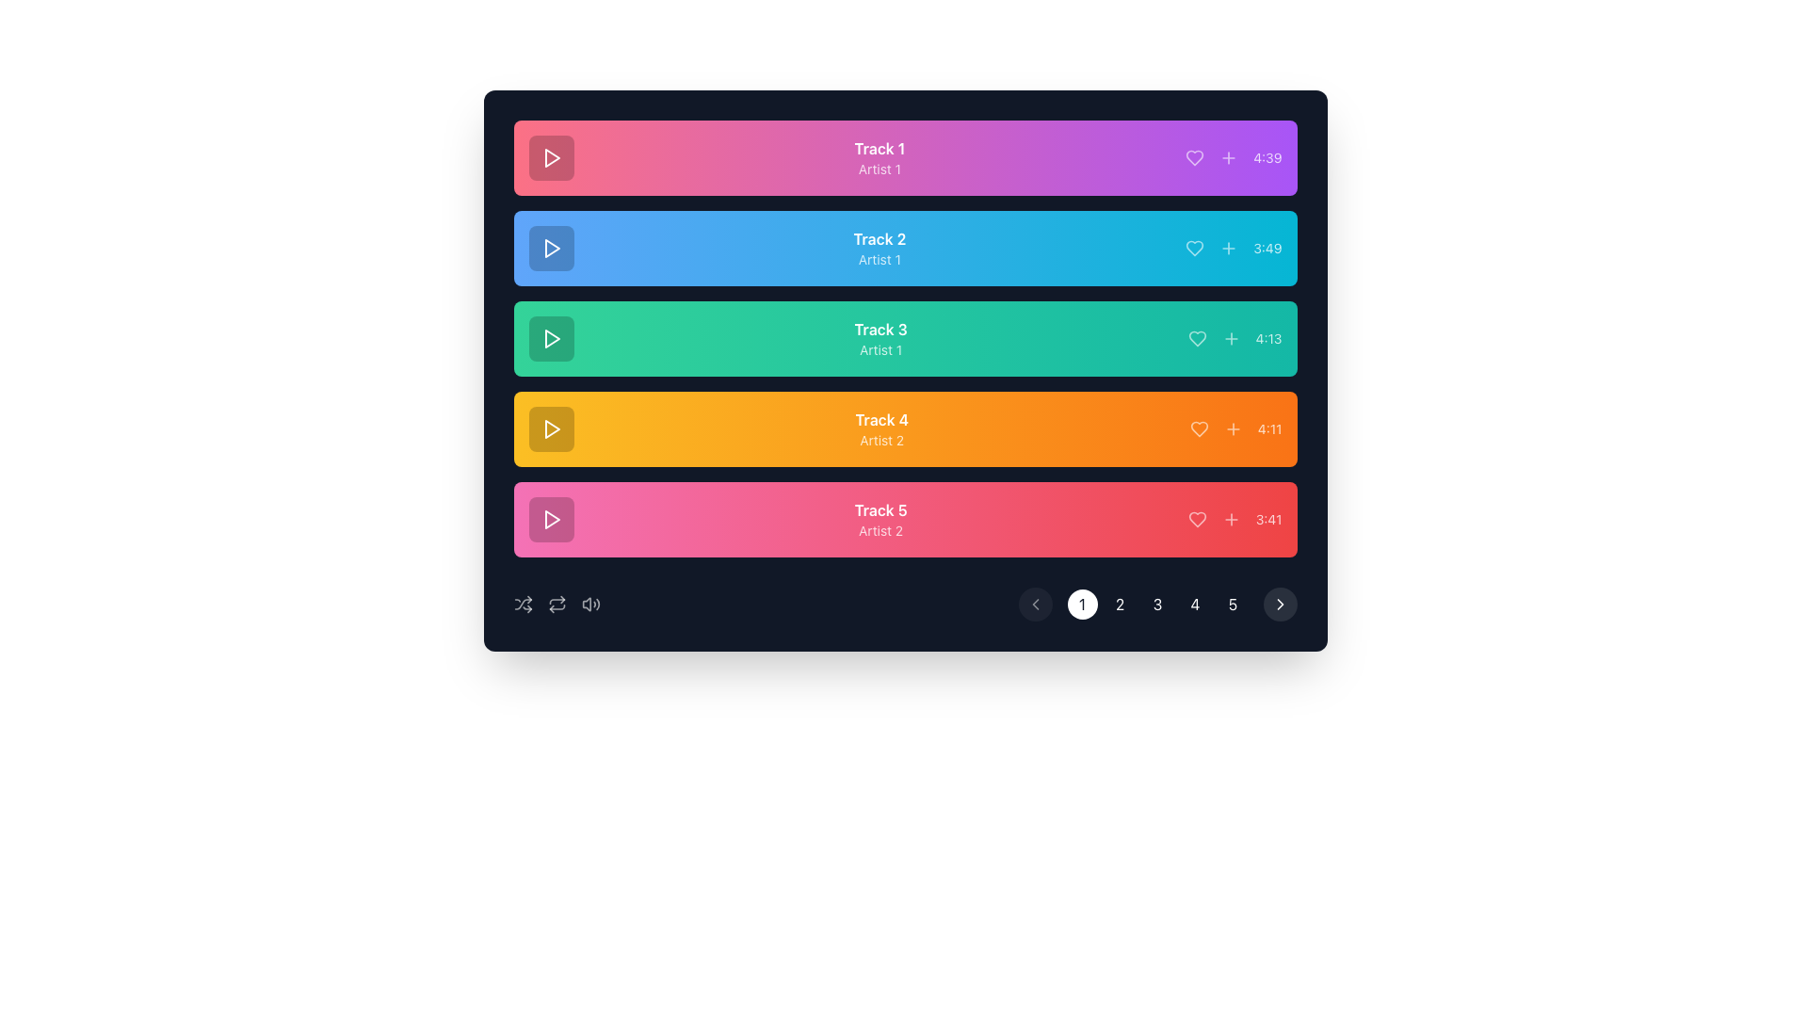  Describe the element at coordinates (556, 604) in the screenshot. I see `the interactive icon button located in the bottom-left part of the interface` at that location.